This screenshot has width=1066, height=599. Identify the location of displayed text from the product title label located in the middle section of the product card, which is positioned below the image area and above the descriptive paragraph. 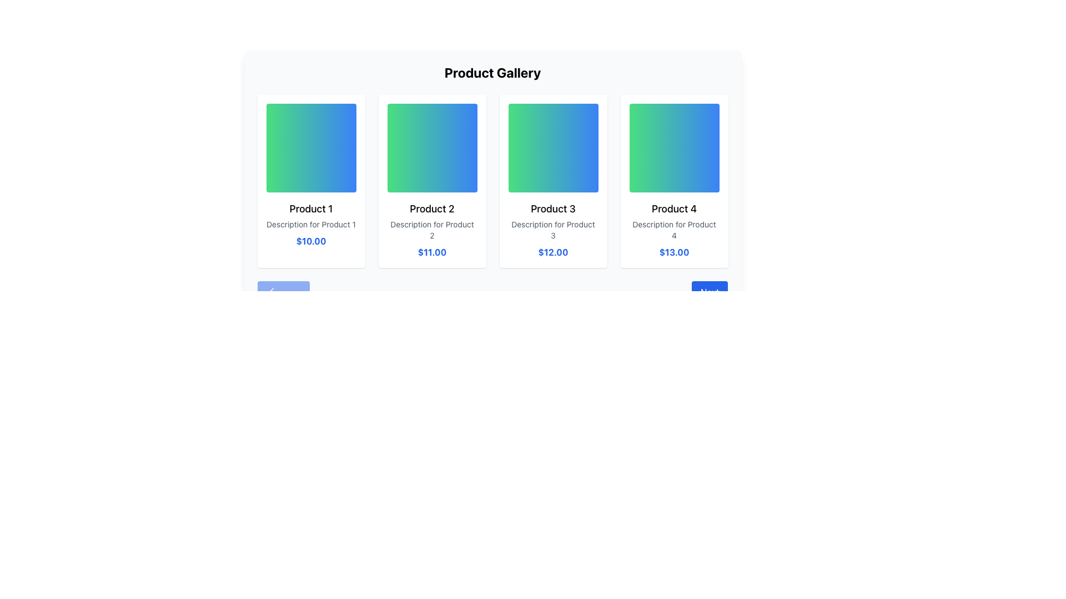
(431, 209).